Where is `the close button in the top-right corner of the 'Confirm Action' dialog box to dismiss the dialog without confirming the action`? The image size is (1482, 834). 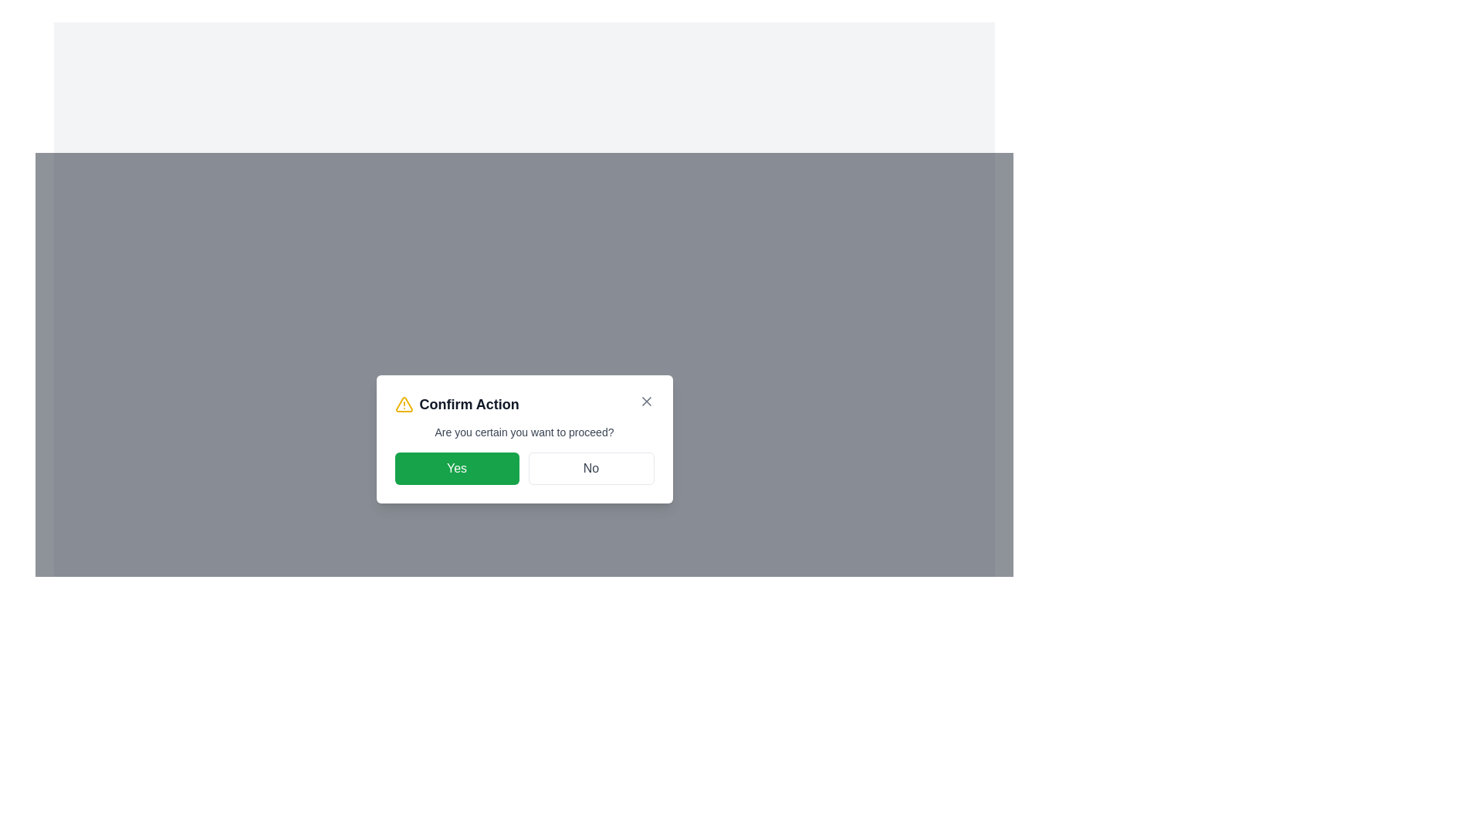
the close button in the top-right corner of the 'Confirm Action' dialog box to dismiss the dialog without confirming the action is located at coordinates (646, 401).